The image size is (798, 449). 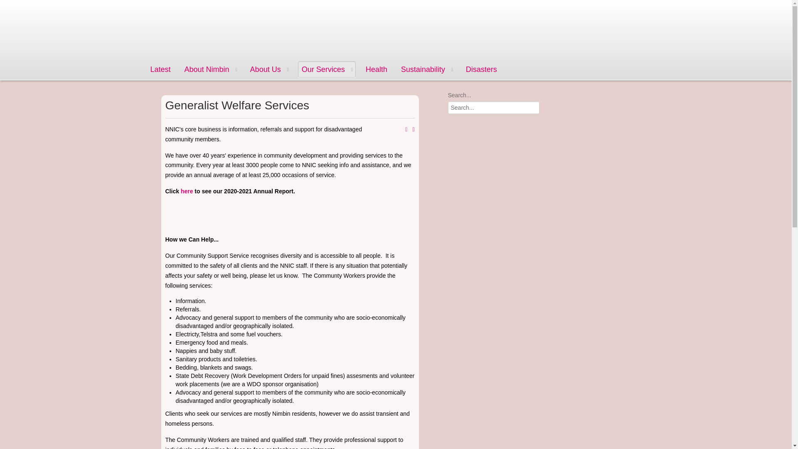 What do you see at coordinates (413, 129) in the screenshot?
I see `'Email'` at bounding box center [413, 129].